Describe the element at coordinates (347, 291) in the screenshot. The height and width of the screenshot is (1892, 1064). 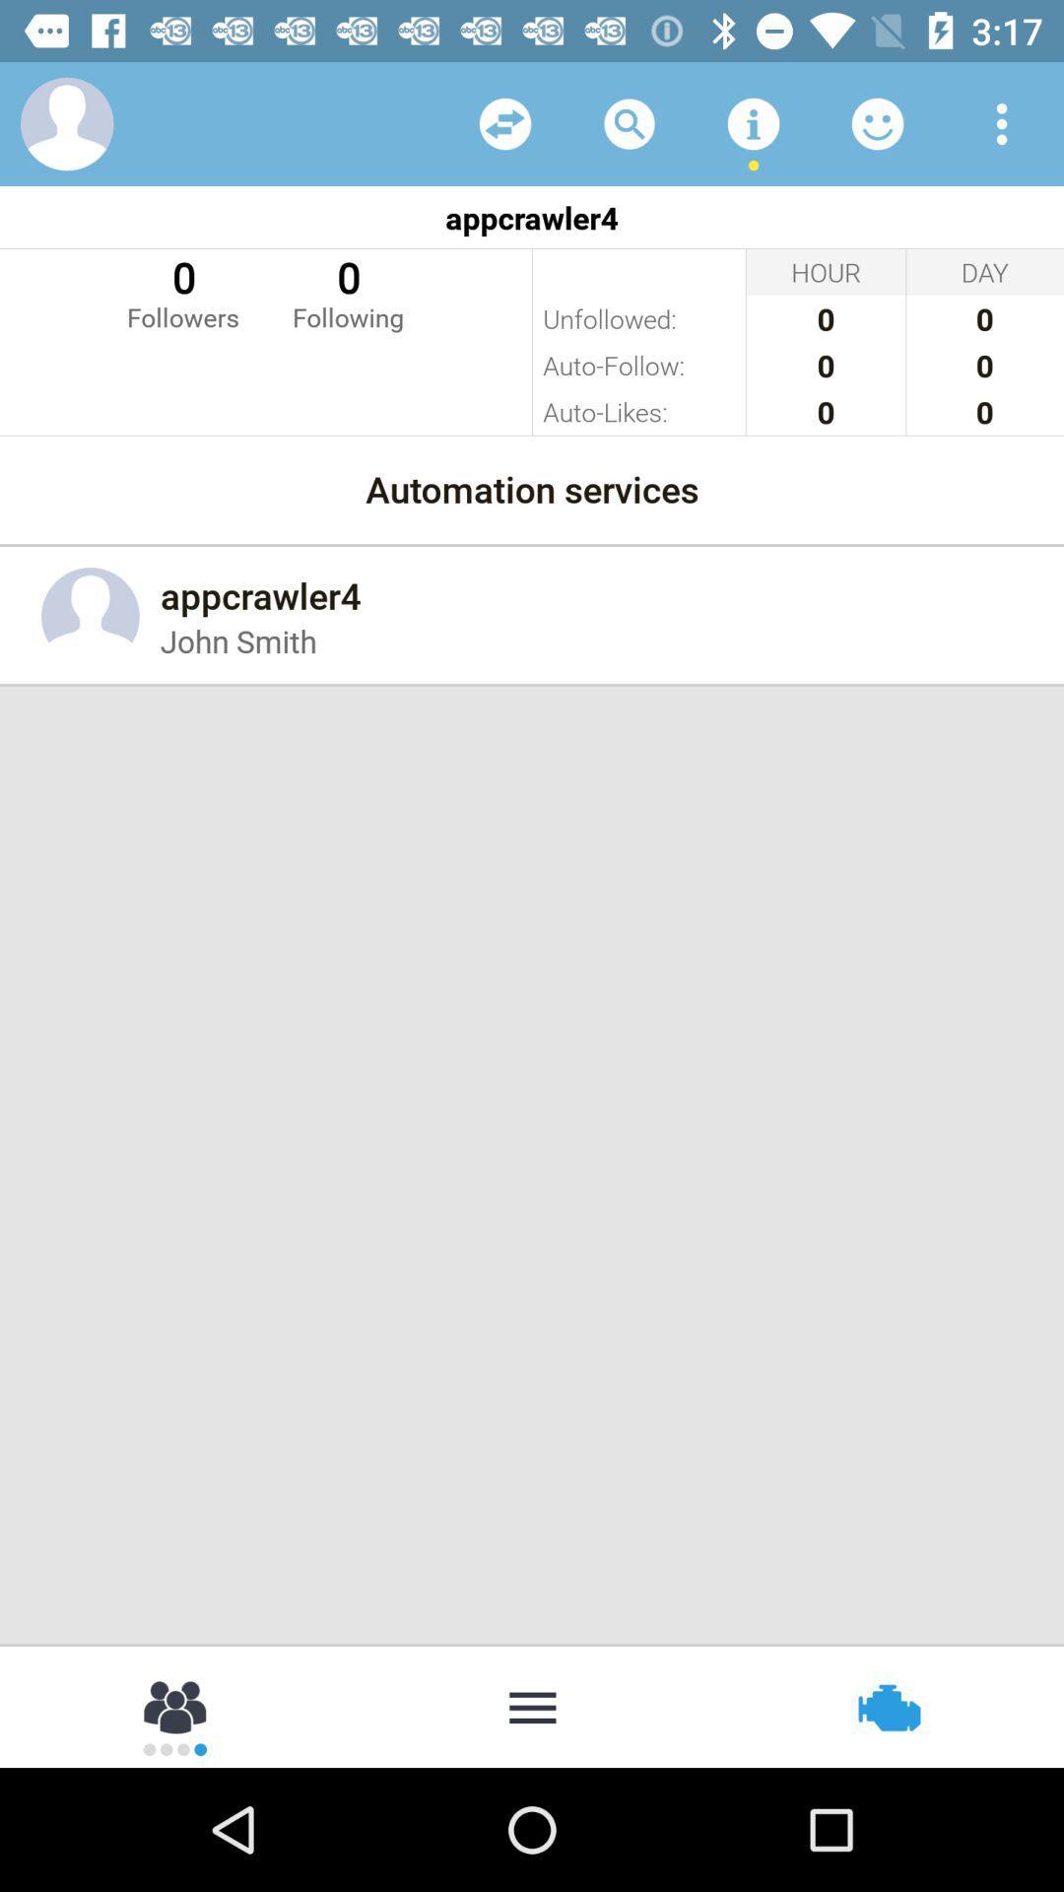
I see `the icon next to 0` at that location.